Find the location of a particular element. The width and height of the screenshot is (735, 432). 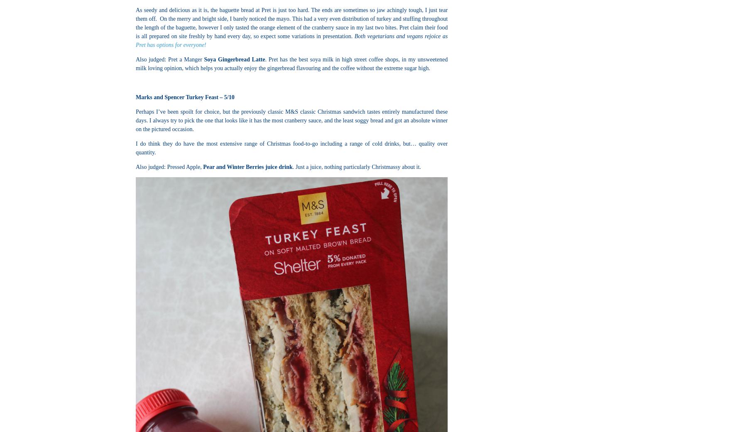

'Also judged: Pret a Manger' is located at coordinates (169, 59).